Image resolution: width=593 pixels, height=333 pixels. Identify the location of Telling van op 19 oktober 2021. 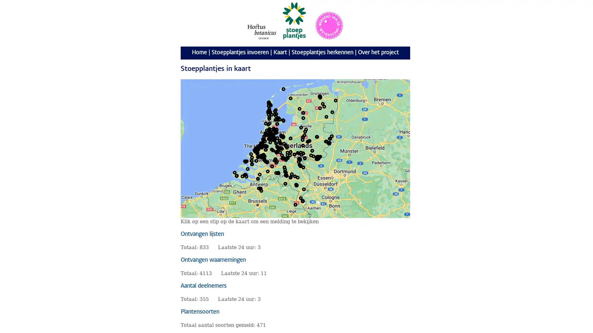
(270, 135).